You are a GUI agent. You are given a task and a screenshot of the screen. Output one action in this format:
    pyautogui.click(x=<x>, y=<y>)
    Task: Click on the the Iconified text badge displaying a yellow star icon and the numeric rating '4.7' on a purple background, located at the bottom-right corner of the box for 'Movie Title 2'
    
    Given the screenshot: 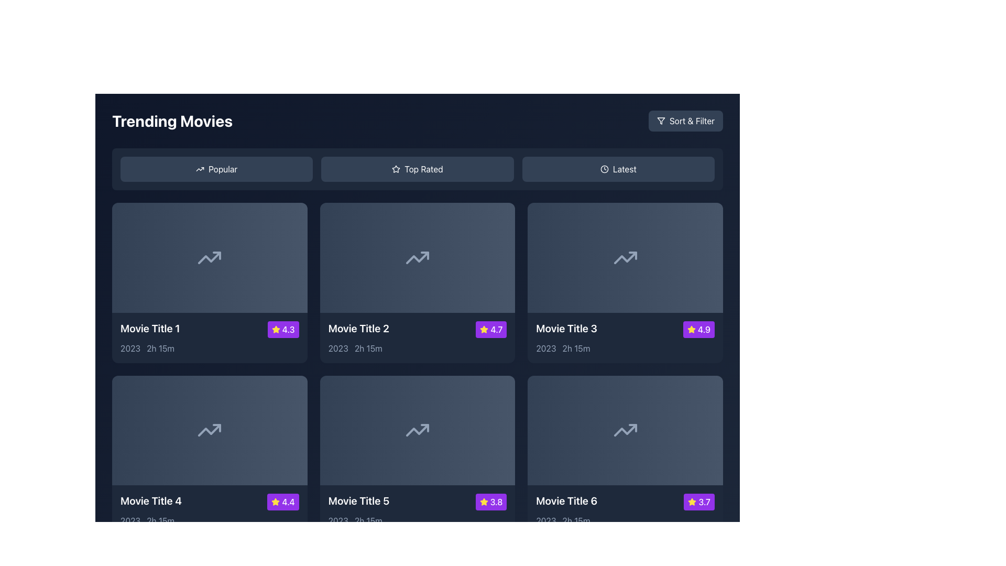 What is the action you would take?
    pyautogui.click(x=490, y=329)
    